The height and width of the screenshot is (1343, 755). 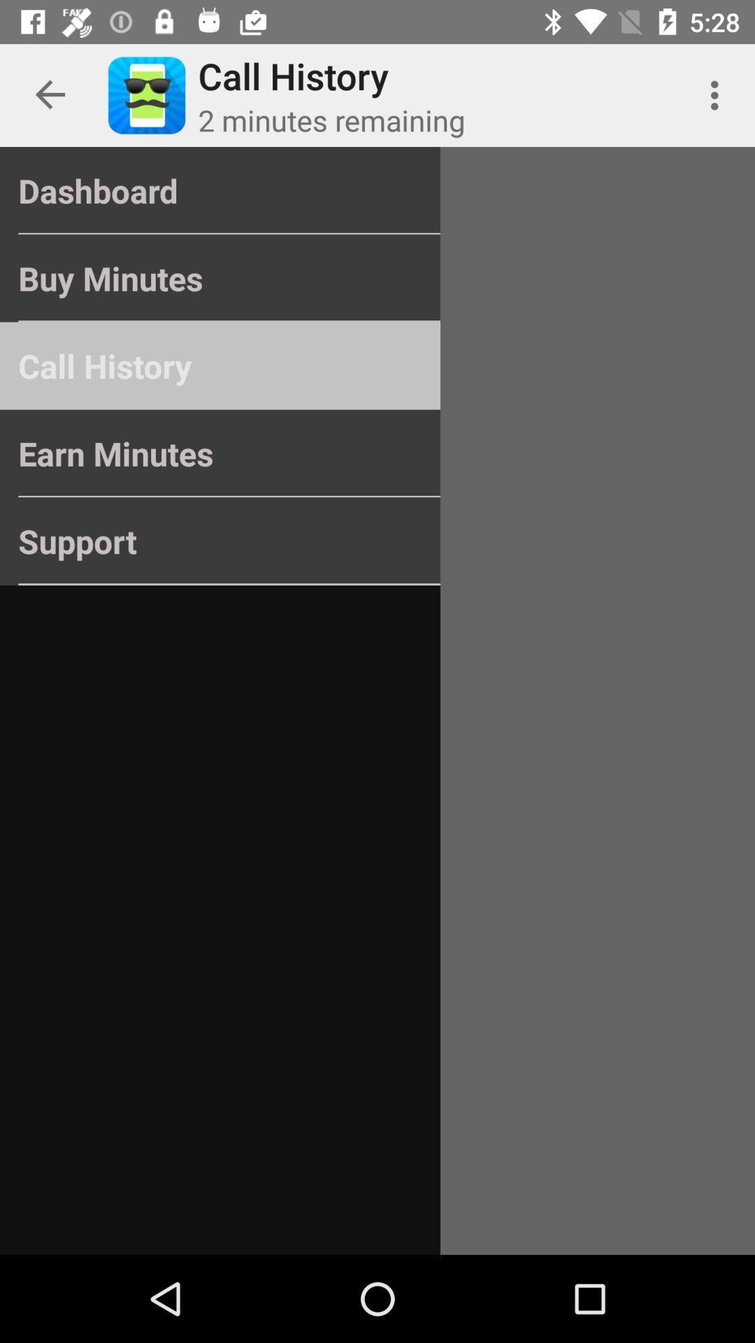 What do you see at coordinates (220, 540) in the screenshot?
I see `the support icon` at bounding box center [220, 540].